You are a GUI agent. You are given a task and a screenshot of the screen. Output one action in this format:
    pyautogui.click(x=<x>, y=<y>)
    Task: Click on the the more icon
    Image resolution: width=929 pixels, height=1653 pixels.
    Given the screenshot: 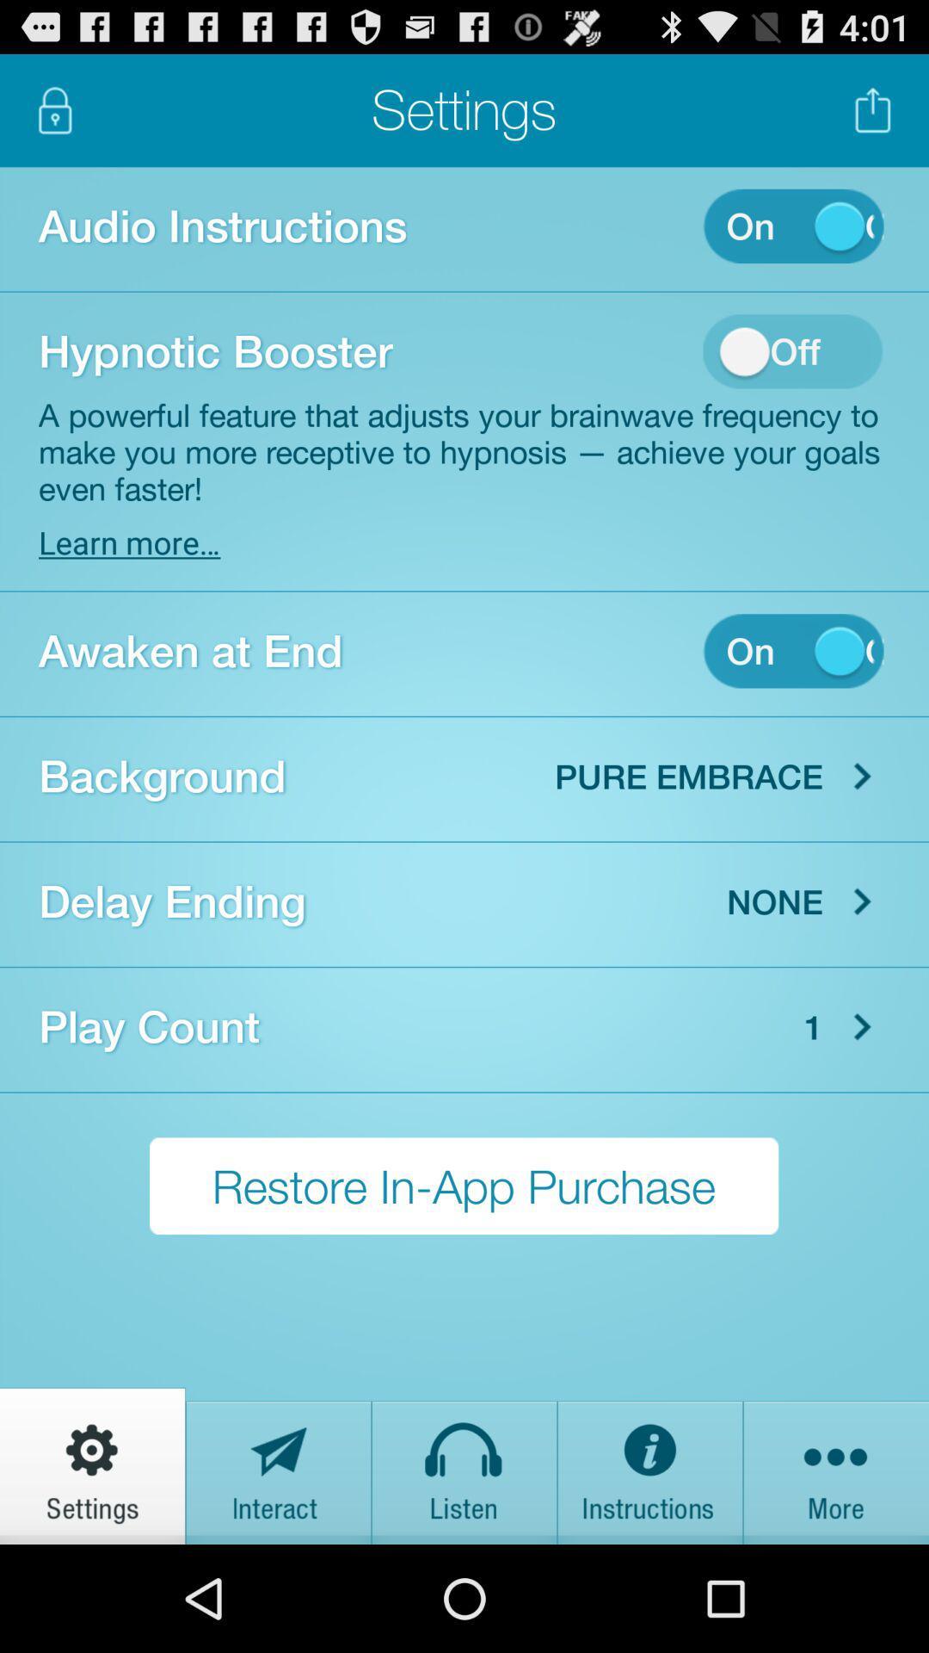 What is the action you would take?
    pyautogui.click(x=835, y=1568)
    